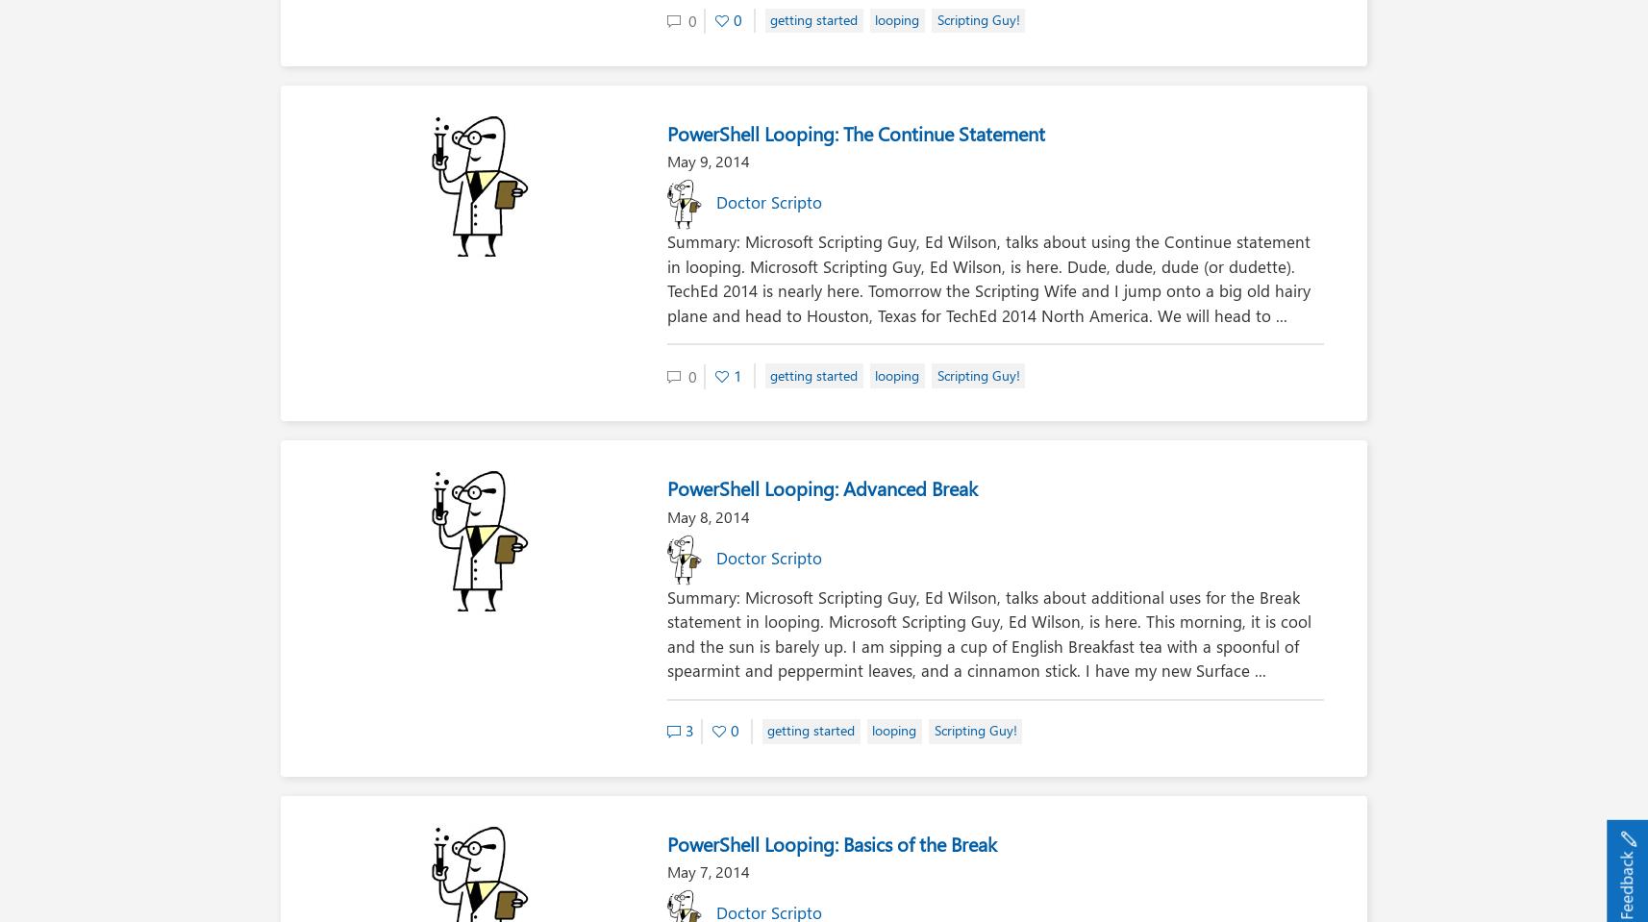 The image size is (1648, 922). Describe the element at coordinates (630, 327) in the screenshot. I see `'Comments are closed.'` at that location.